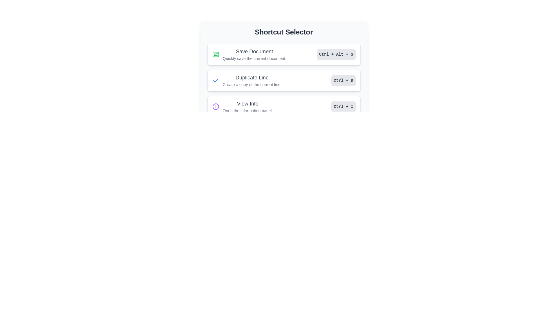 The height and width of the screenshot is (313, 557). I want to click on the 'View Info' text label pair within the 'Shortcut Selector' panel, so click(247, 106).